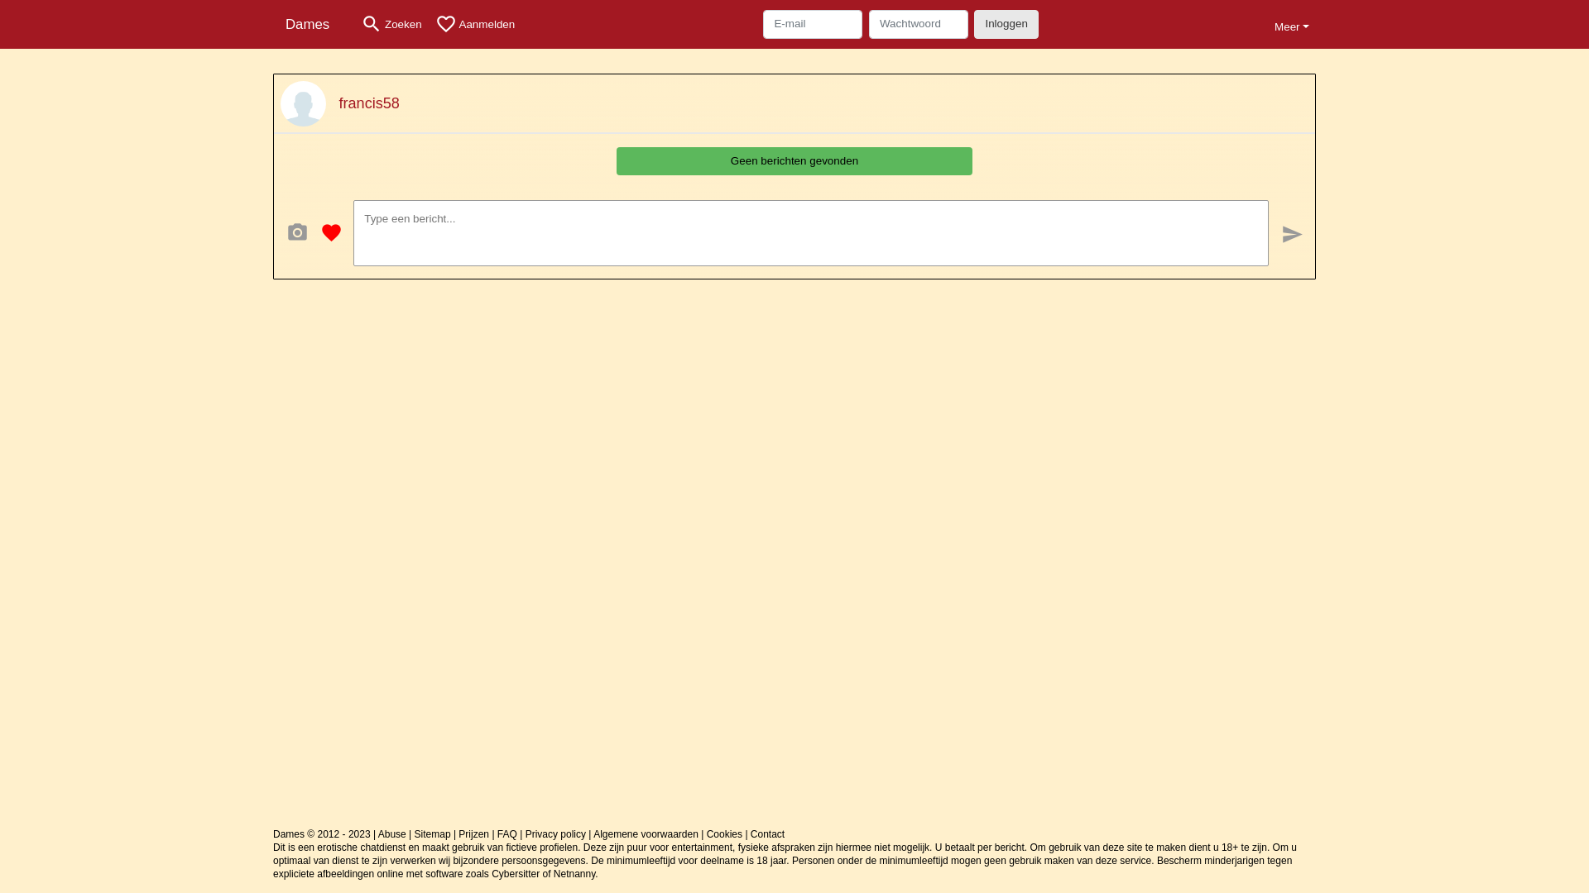  Describe the element at coordinates (750, 834) in the screenshot. I see `'Contact'` at that location.